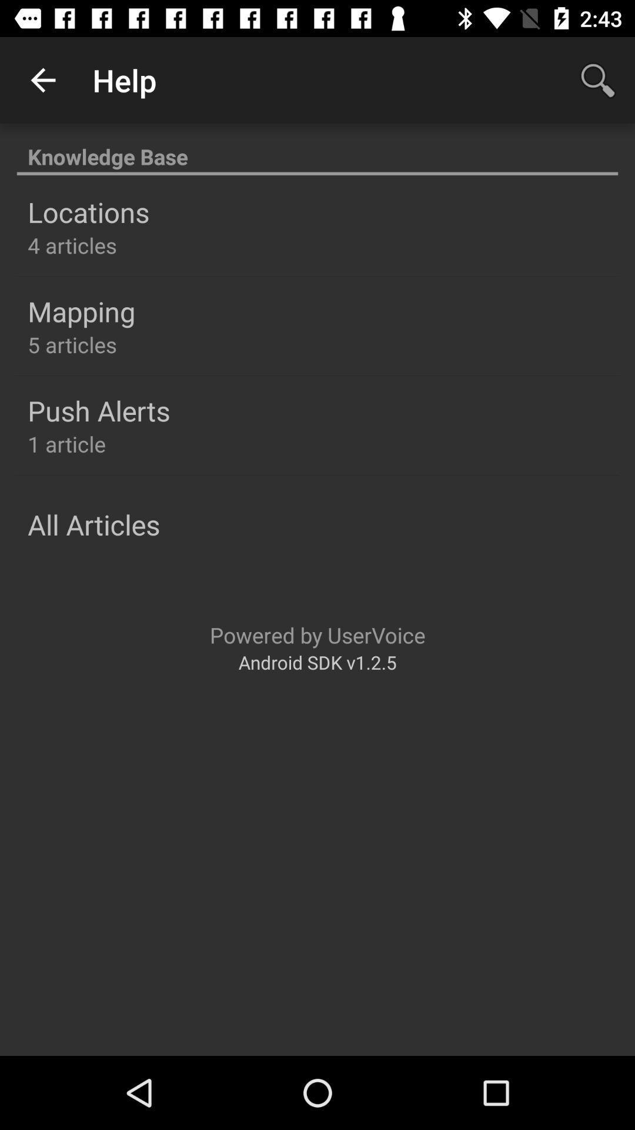  Describe the element at coordinates (88, 212) in the screenshot. I see `the icon below the knowledge base` at that location.